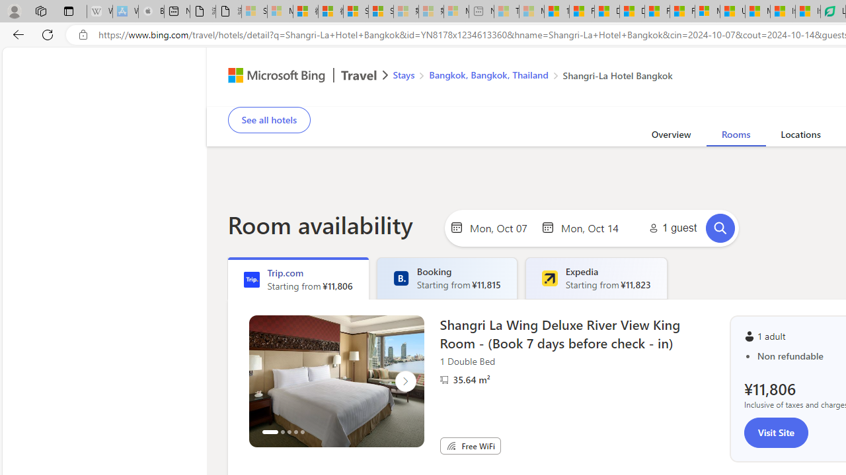 Image resolution: width=846 pixels, height=475 pixels. Describe the element at coordinates (279, 11) in the screenshot. I see `'Microsoft Services Agreement - Sleeping'` at that location.